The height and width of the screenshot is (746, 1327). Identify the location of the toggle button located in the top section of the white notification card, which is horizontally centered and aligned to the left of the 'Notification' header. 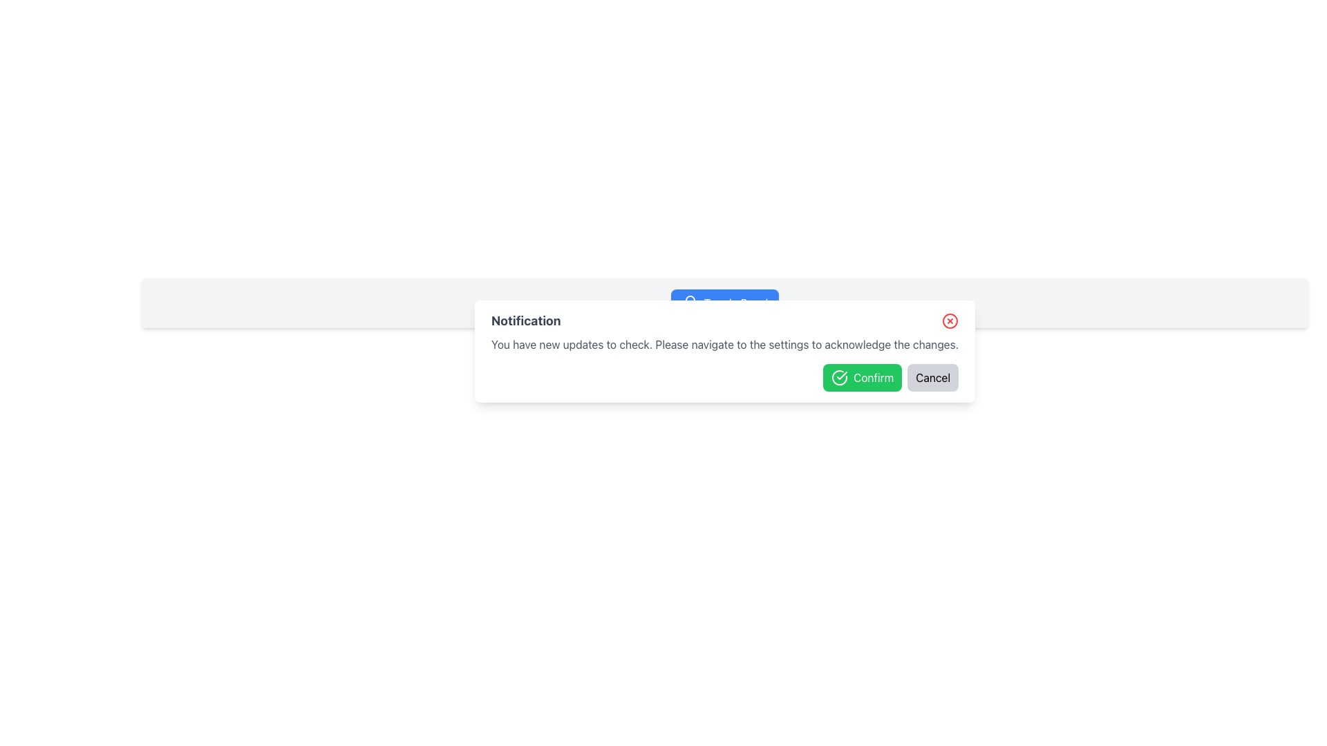
(724, 303).